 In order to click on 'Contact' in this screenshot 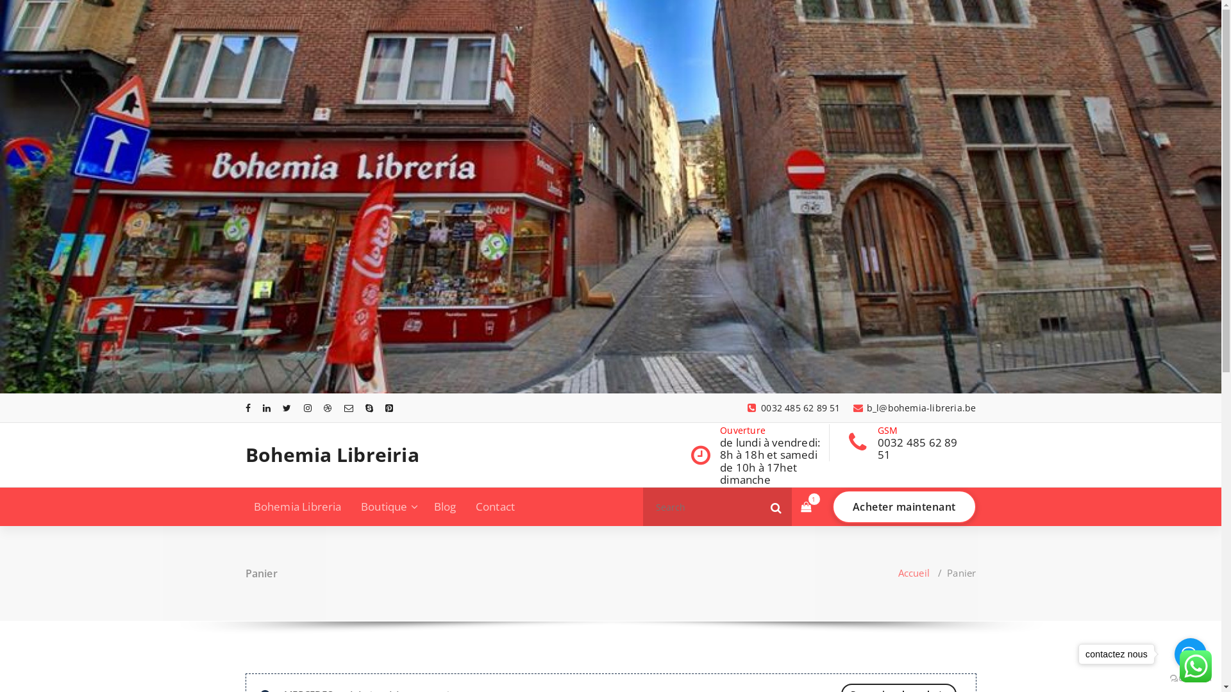, I will do `click(494, 506)`.